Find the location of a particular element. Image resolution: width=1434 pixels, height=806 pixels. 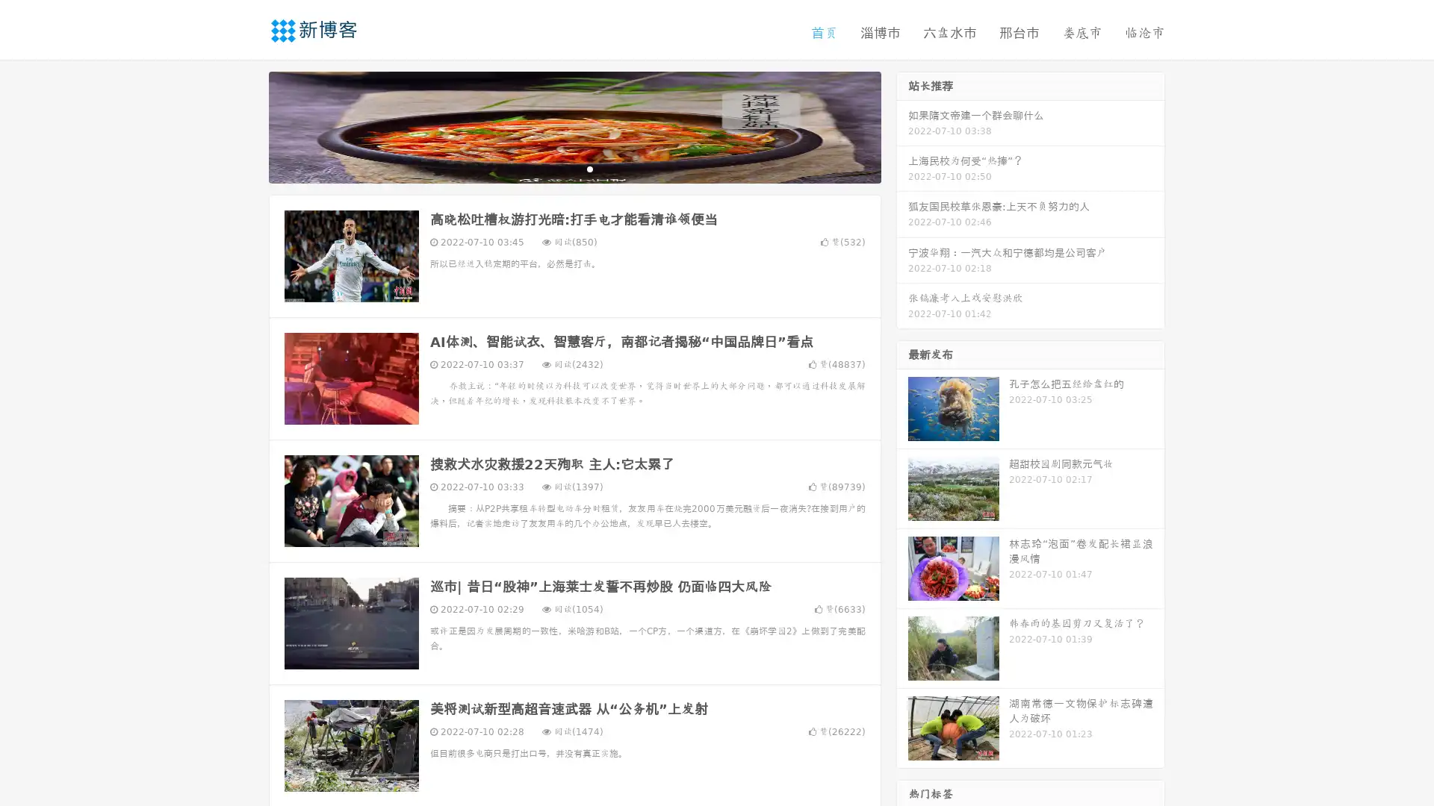

Previous slide is located at coordinates (246, 125).